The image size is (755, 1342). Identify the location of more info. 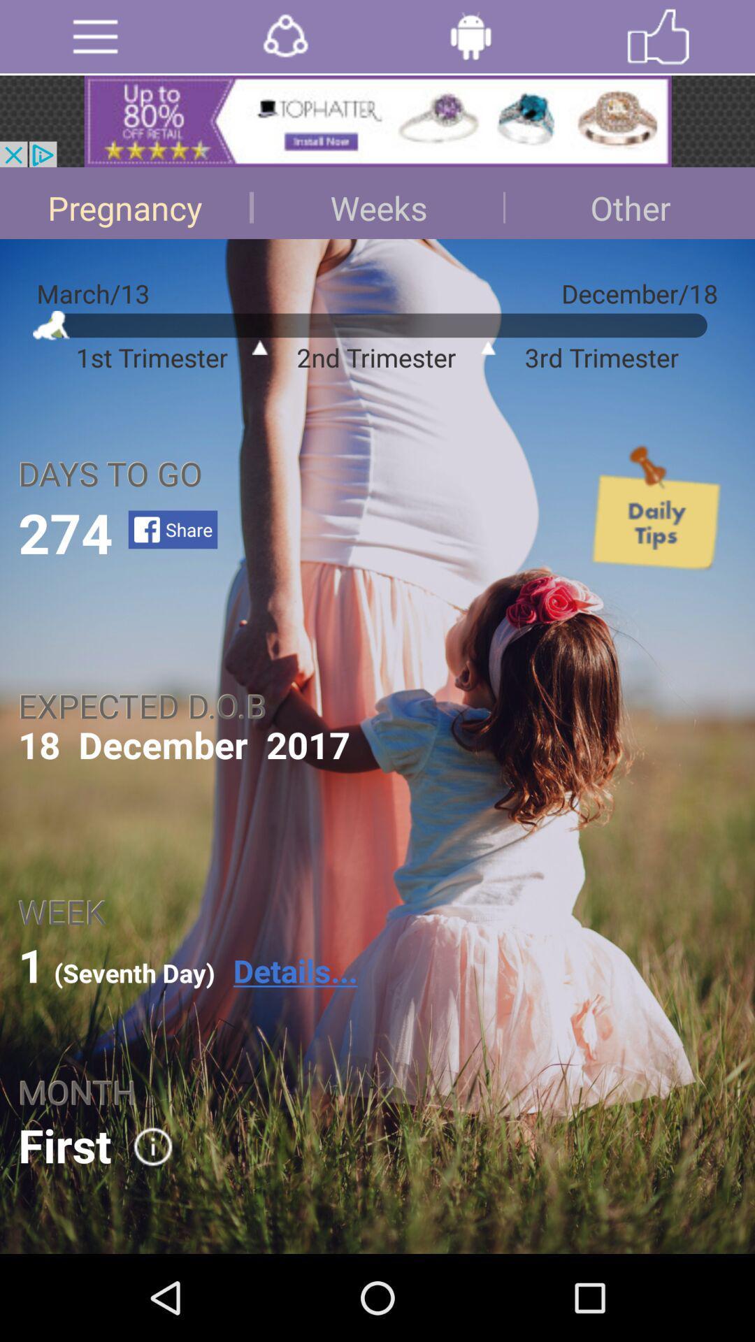
(143, 1146).